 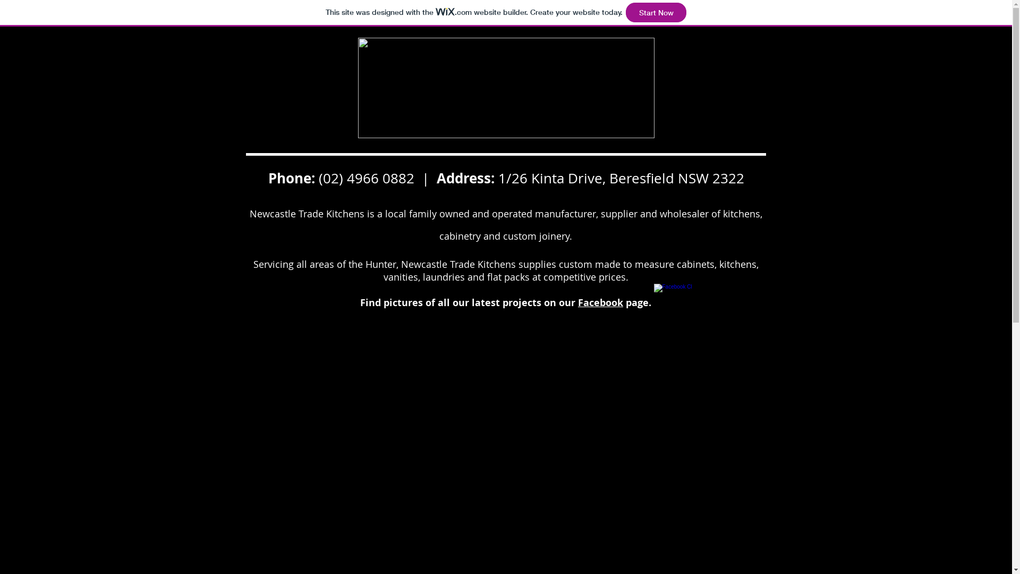 What do you see at coordinates (600, 302) in the screenshot?
I see `'Facebook'` at bounding box center [600, 302].